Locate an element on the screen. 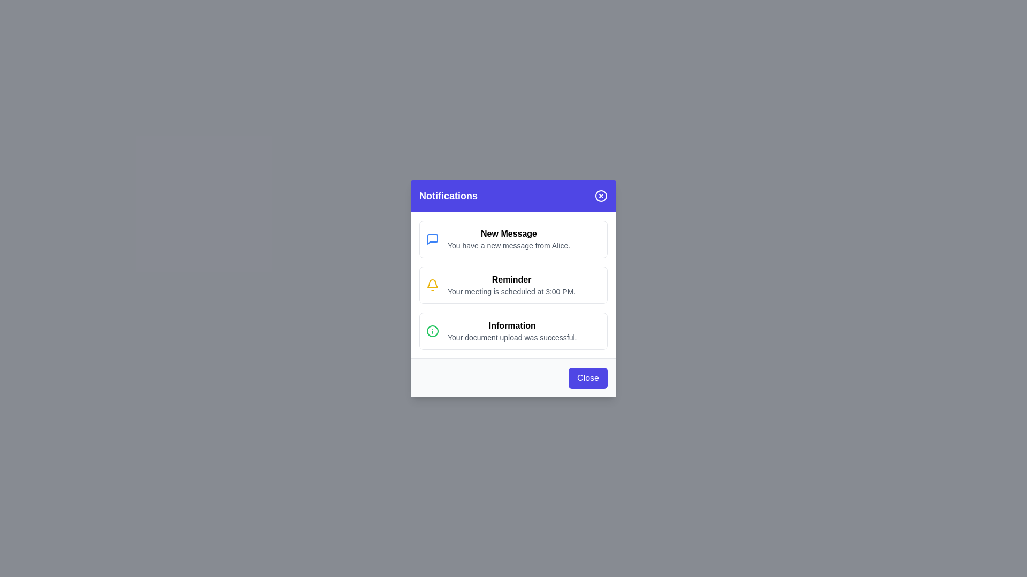  the notification item New Message to focus on it is located at coordinates (513, 238).